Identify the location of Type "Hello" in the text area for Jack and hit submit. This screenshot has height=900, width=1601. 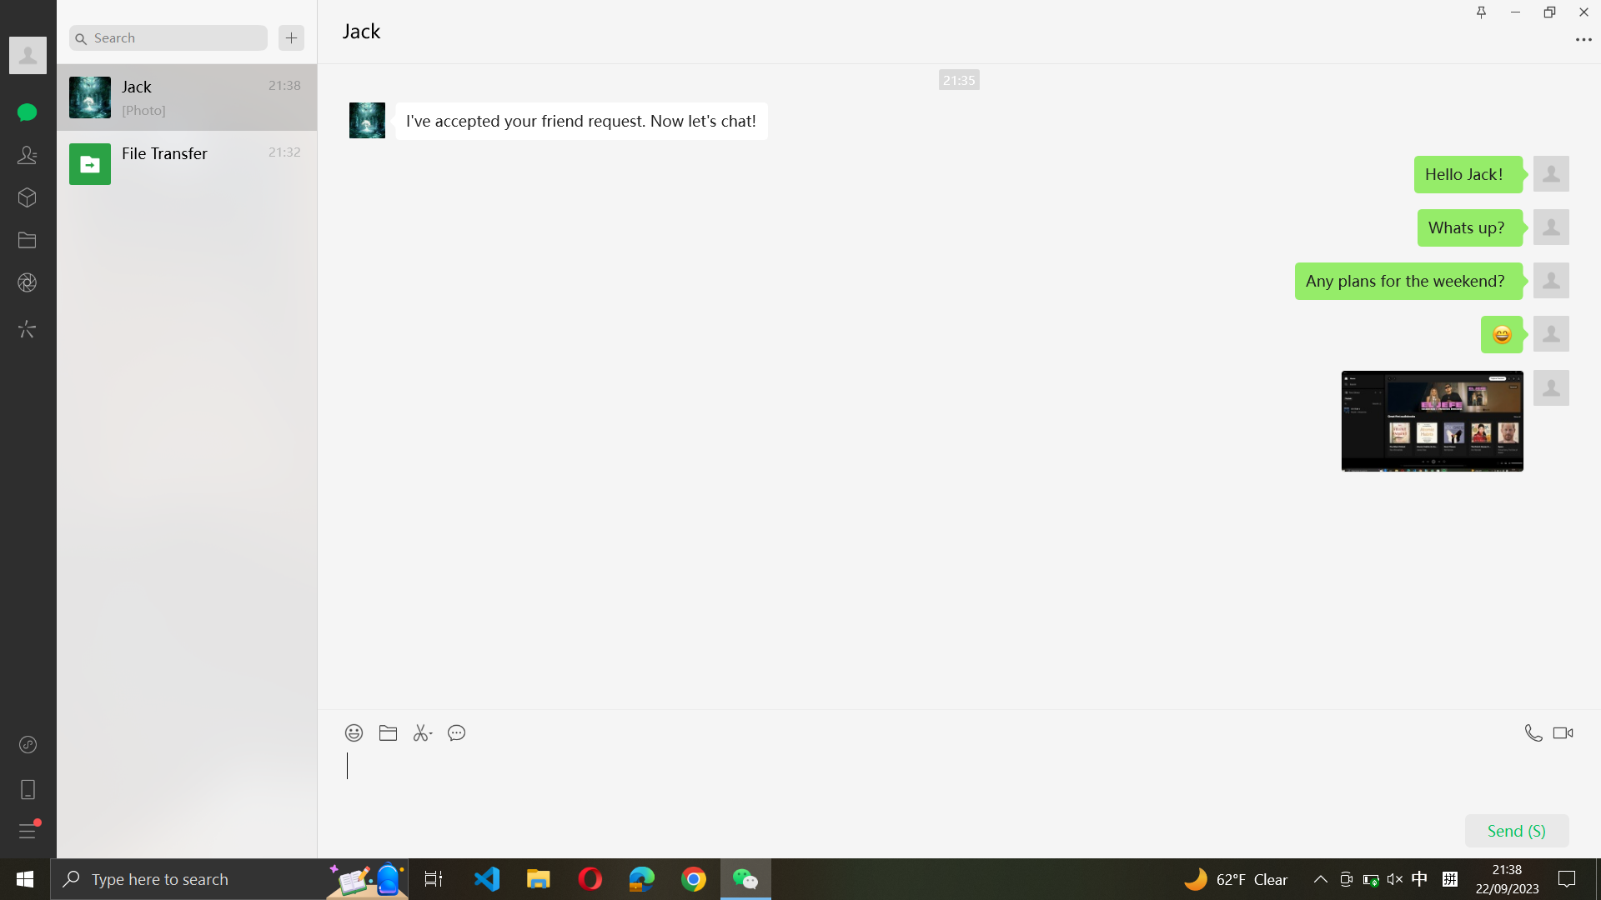
(956, 800).